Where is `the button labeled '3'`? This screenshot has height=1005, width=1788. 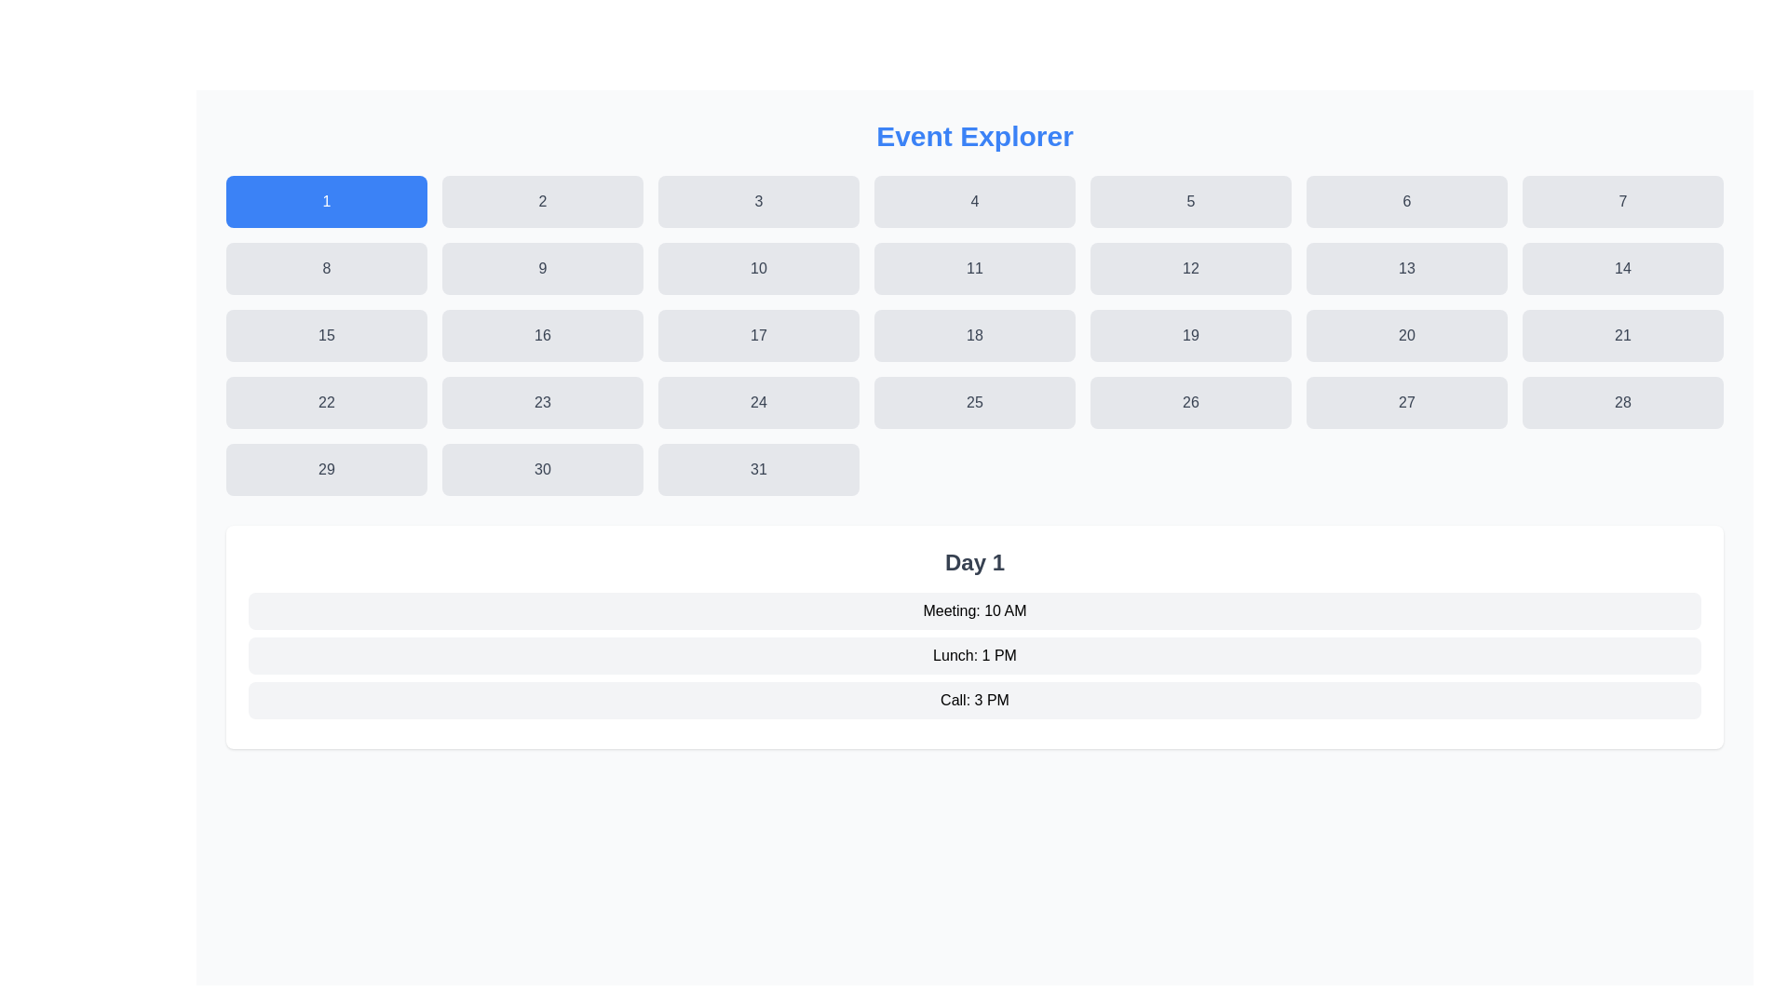 the button labeled '3' is located at coordinates (759, 201).